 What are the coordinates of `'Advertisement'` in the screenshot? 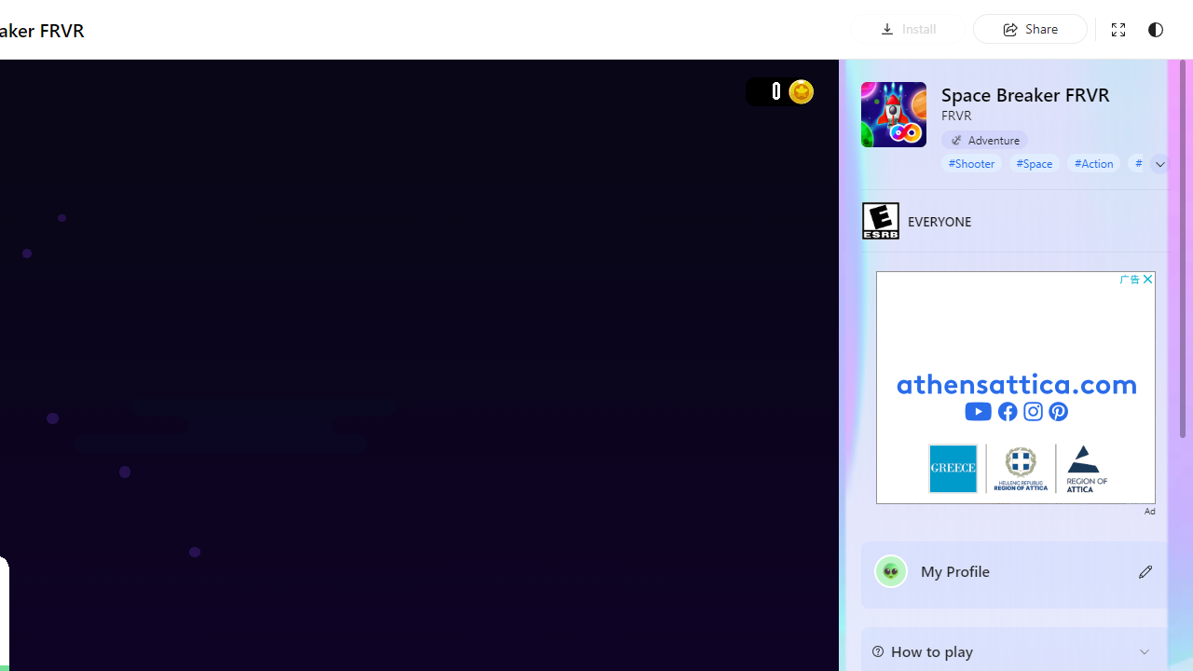 It's located at (1014, 386).